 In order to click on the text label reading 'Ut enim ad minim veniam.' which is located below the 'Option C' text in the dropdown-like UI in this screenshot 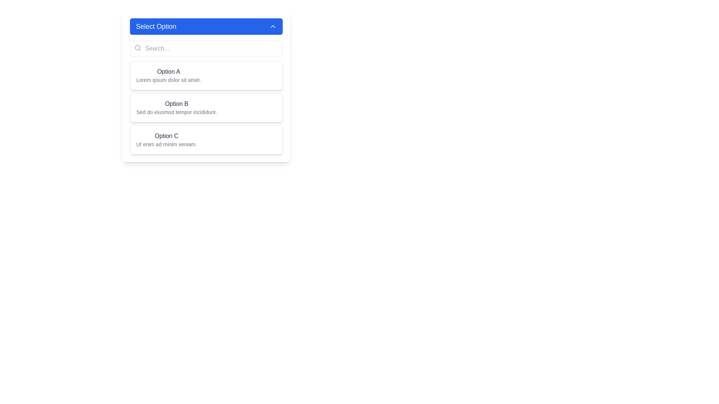, I will do `click(166, 144)`.